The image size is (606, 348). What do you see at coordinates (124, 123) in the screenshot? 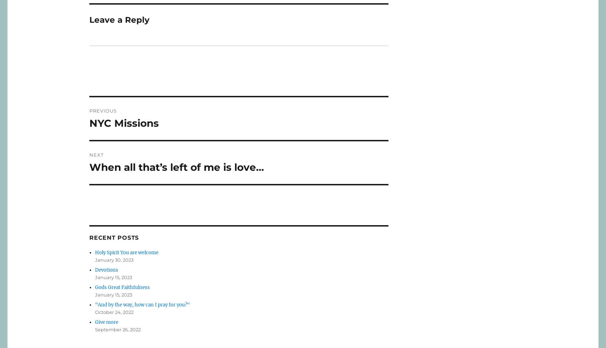
I see `'NYC Missions'` at bounding box center [124, 123].